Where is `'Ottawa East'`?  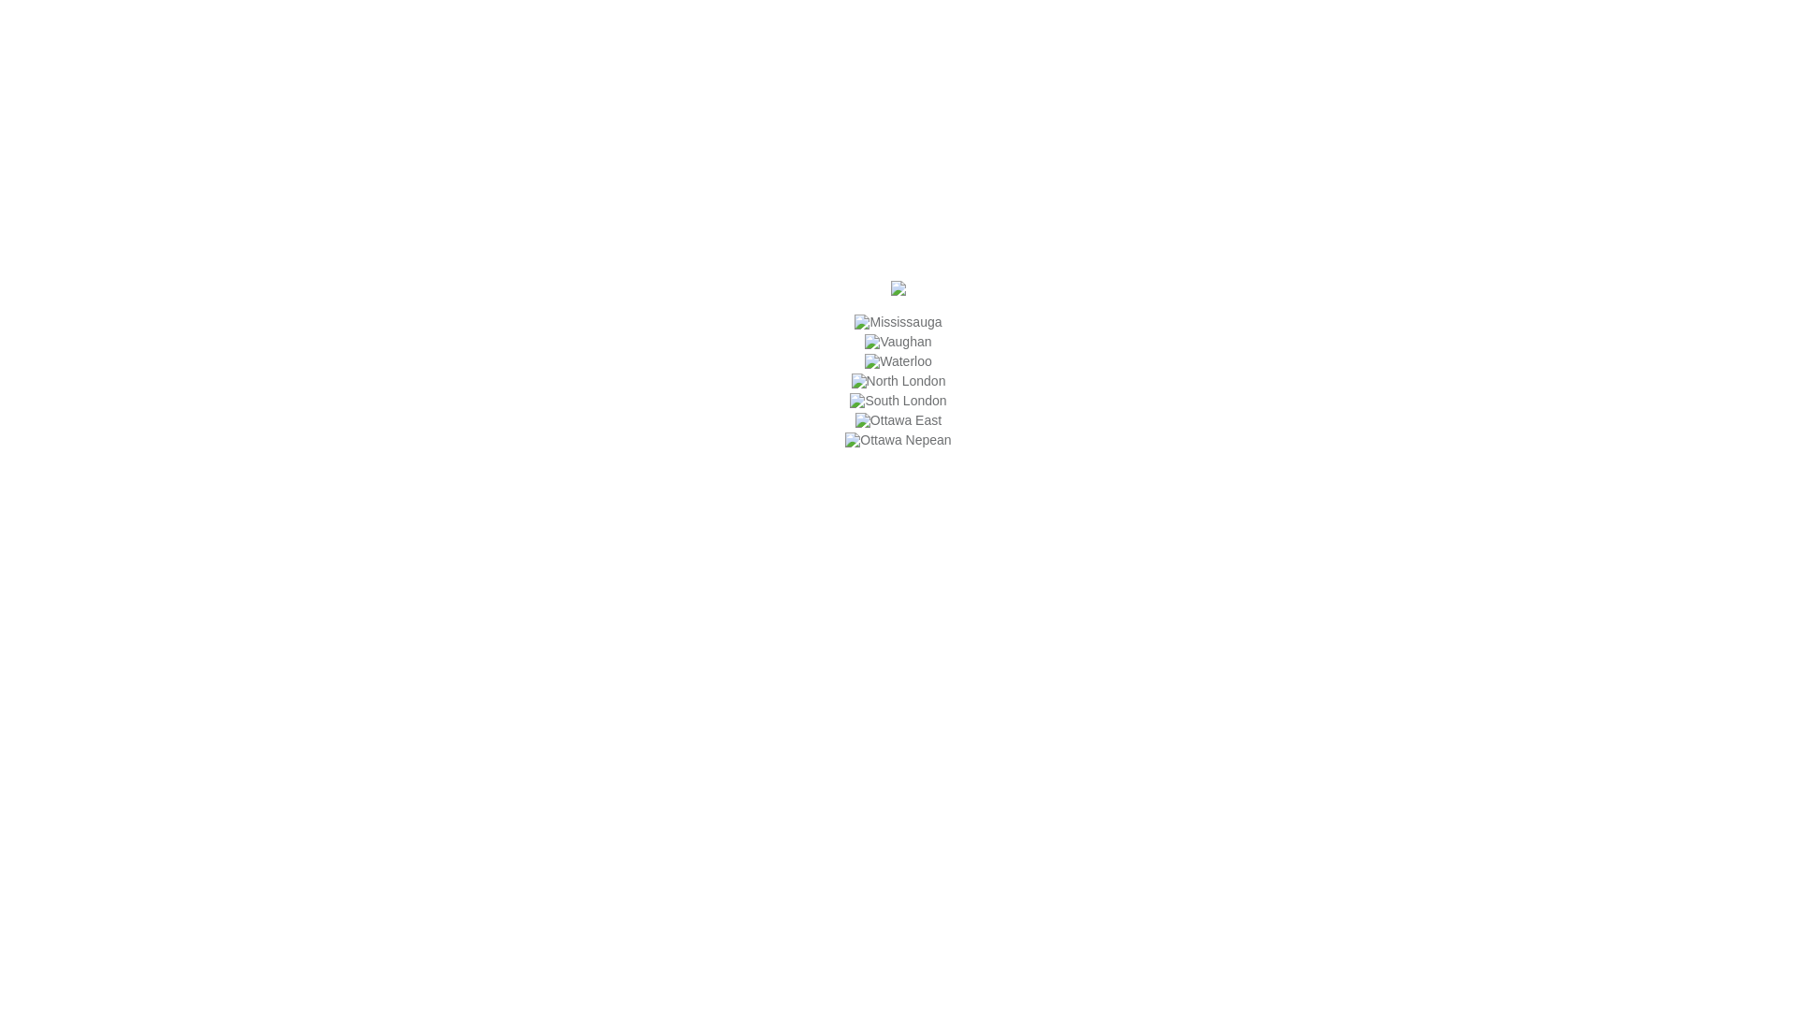 'Ottawa East' is located at coordinates (854, 418).